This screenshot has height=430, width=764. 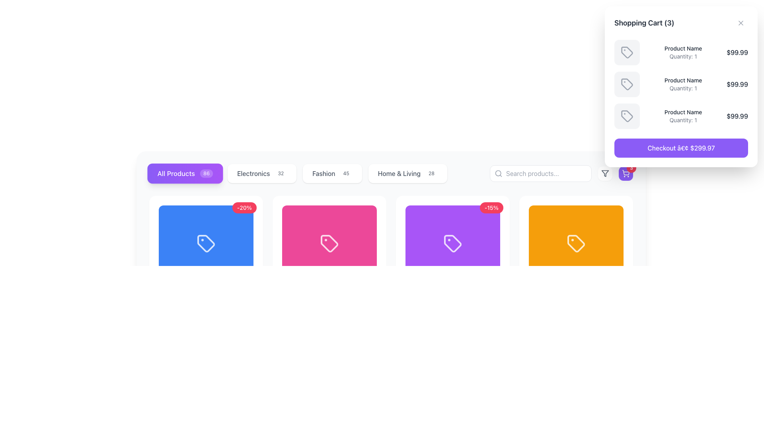 What do you see at coordinates (626, 115) in the screenshot?
I see `the tag-shaped icon in the third row of the shopping cart interface` at bounding box center [626, 115].